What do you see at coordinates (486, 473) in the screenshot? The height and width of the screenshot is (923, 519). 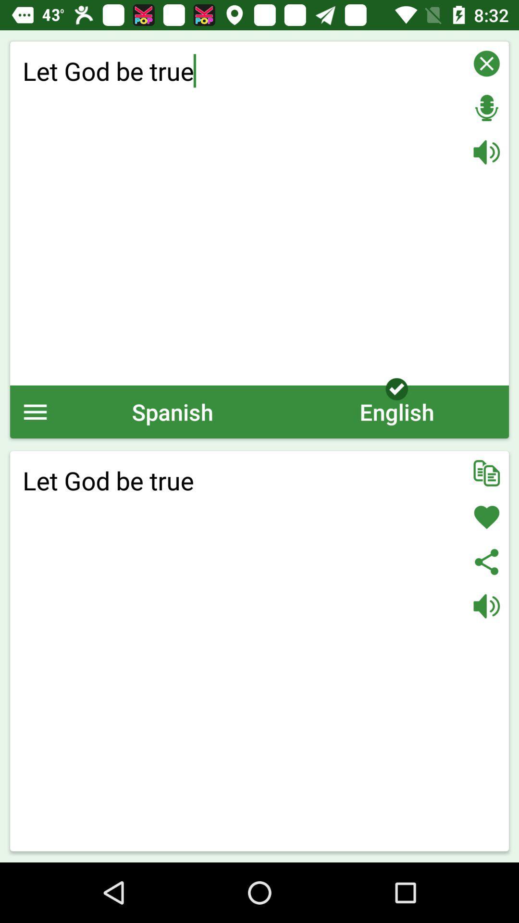 I see `copy the text` at bounding box center [486, 473].